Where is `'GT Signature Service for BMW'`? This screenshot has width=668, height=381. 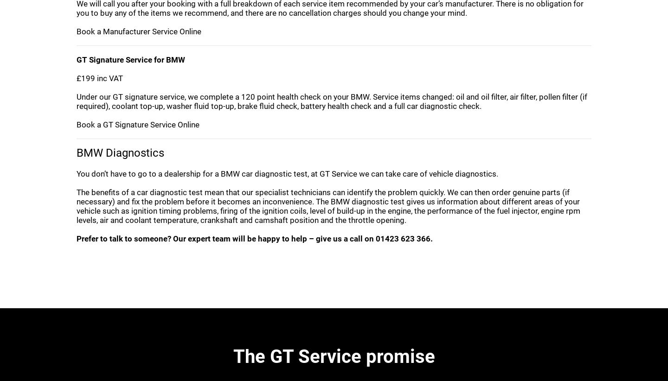
'GT Signature Service for BMW' is located at coordinates (76, 59).